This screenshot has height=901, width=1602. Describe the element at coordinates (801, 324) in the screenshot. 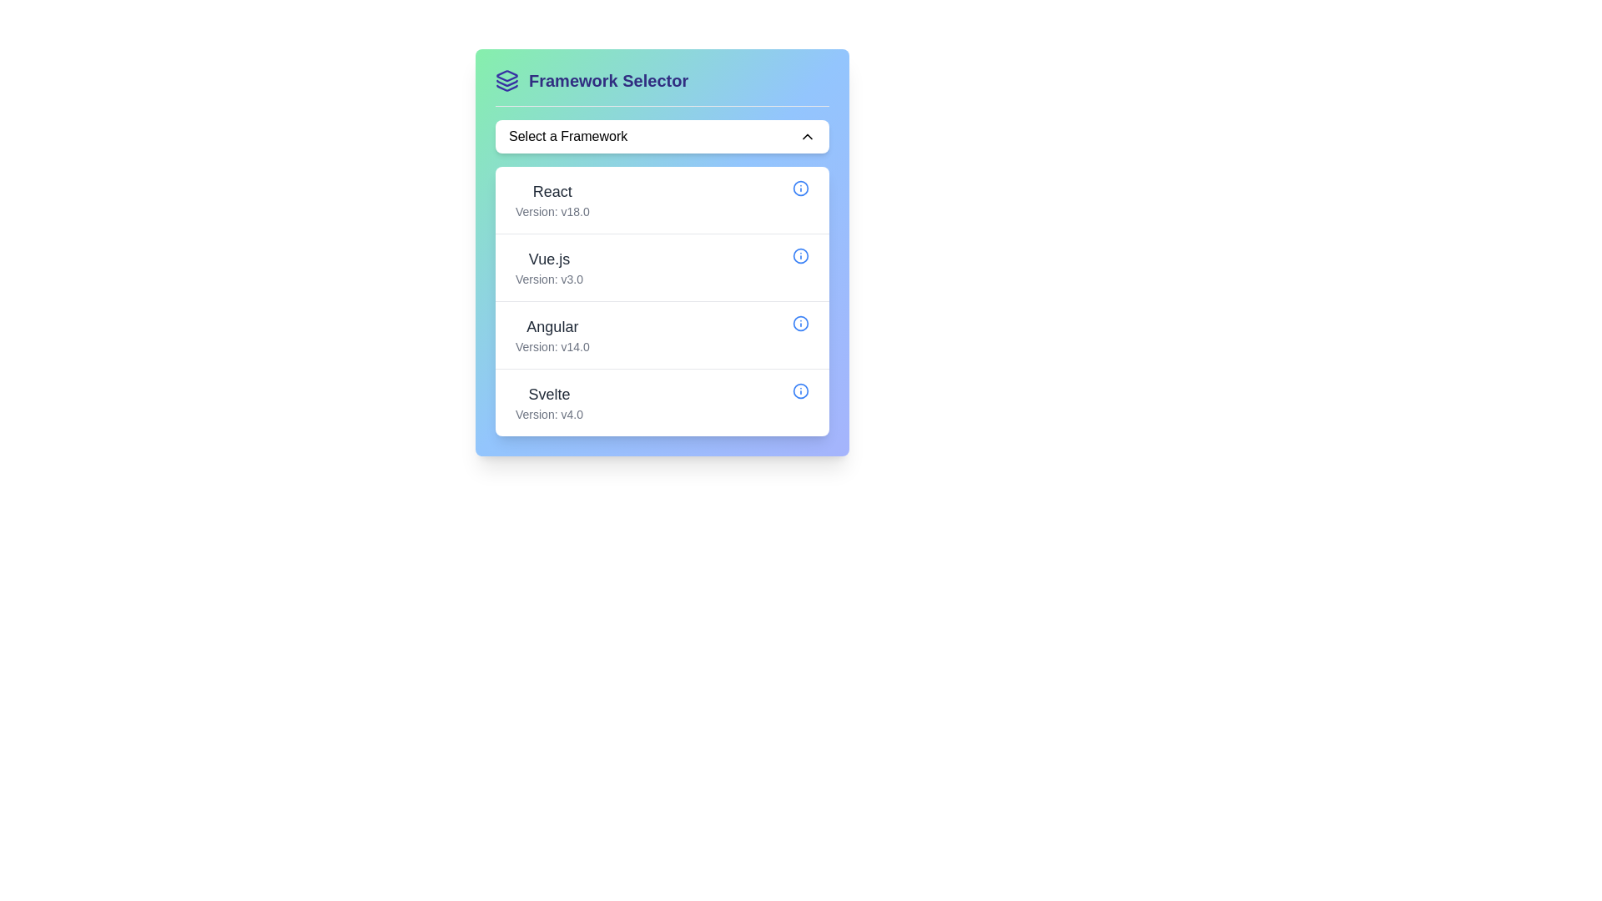

I see `the information tooltip icon located to the right of 'Angular Version: v14.0' in the list interface` at that location.